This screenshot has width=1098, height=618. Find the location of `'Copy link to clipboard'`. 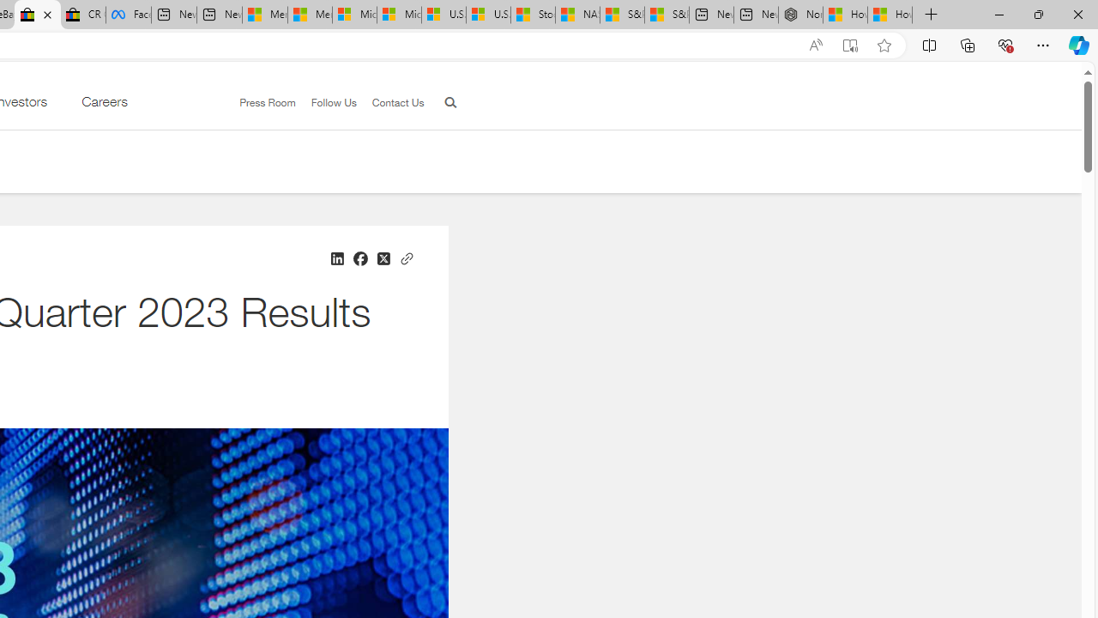

'Copy link to clipboard' is located at coordinates (405, 257).